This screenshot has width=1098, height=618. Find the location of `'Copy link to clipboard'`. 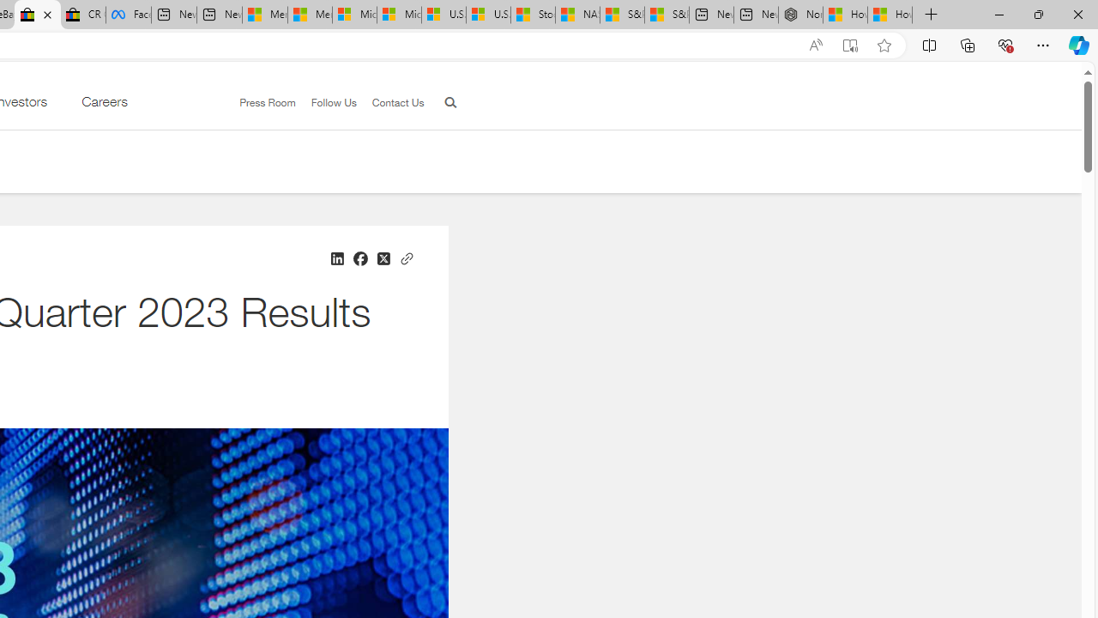

'Copy link to clipboard' is located at coordinates (405, 257).